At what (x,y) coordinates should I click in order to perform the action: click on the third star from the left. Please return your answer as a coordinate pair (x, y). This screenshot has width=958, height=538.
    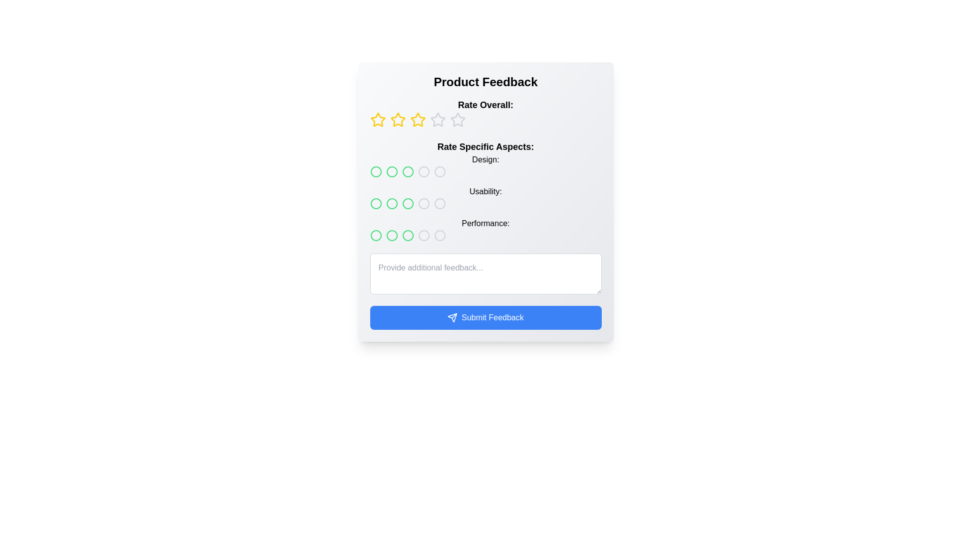
    Looking at the image, I should click on (418, 119).